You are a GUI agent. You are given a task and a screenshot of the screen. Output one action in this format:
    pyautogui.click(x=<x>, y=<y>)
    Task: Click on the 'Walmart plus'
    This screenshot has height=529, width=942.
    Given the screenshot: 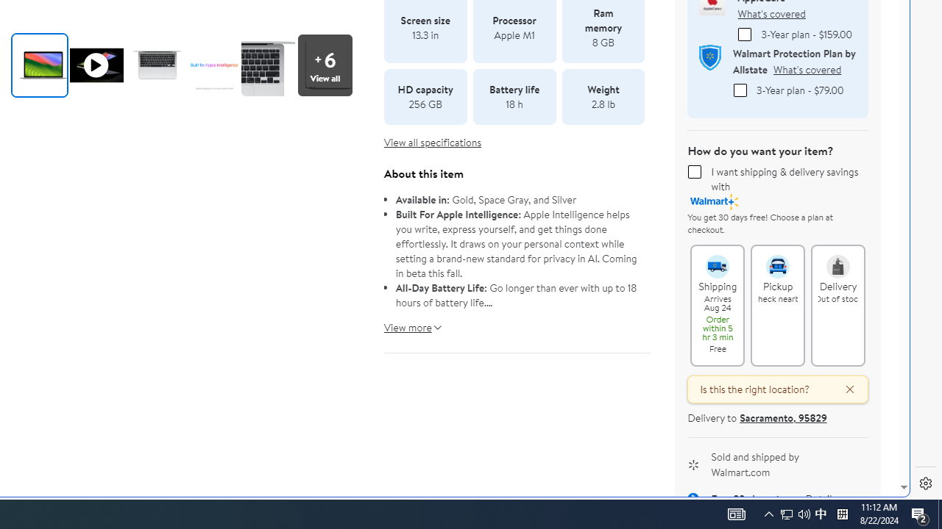 What is the action you would take?
    pyautogui.click(x=715, y=202)
    